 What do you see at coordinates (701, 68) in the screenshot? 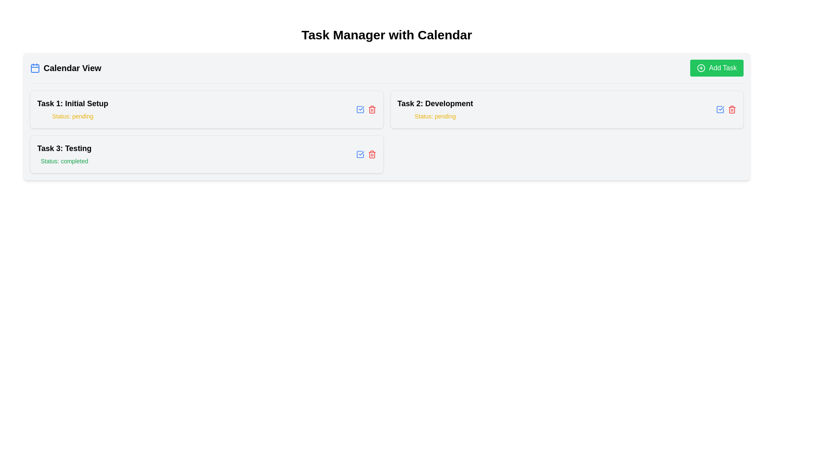
I see `the circular icon located at the left end of the 'Add Task' button in the top-right area of the header section` at bounding box center [701, 68].